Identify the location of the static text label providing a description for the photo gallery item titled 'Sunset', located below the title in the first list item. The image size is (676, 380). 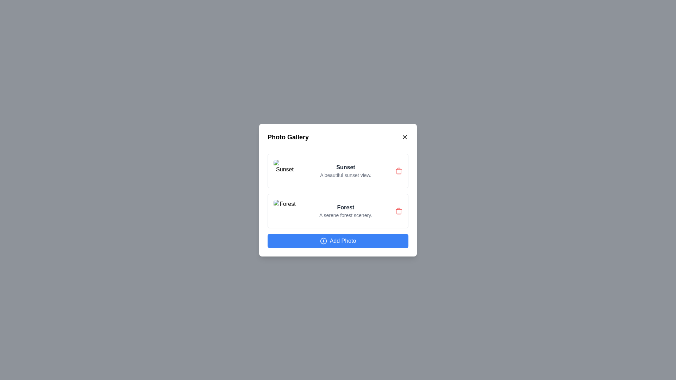
(346, 175).